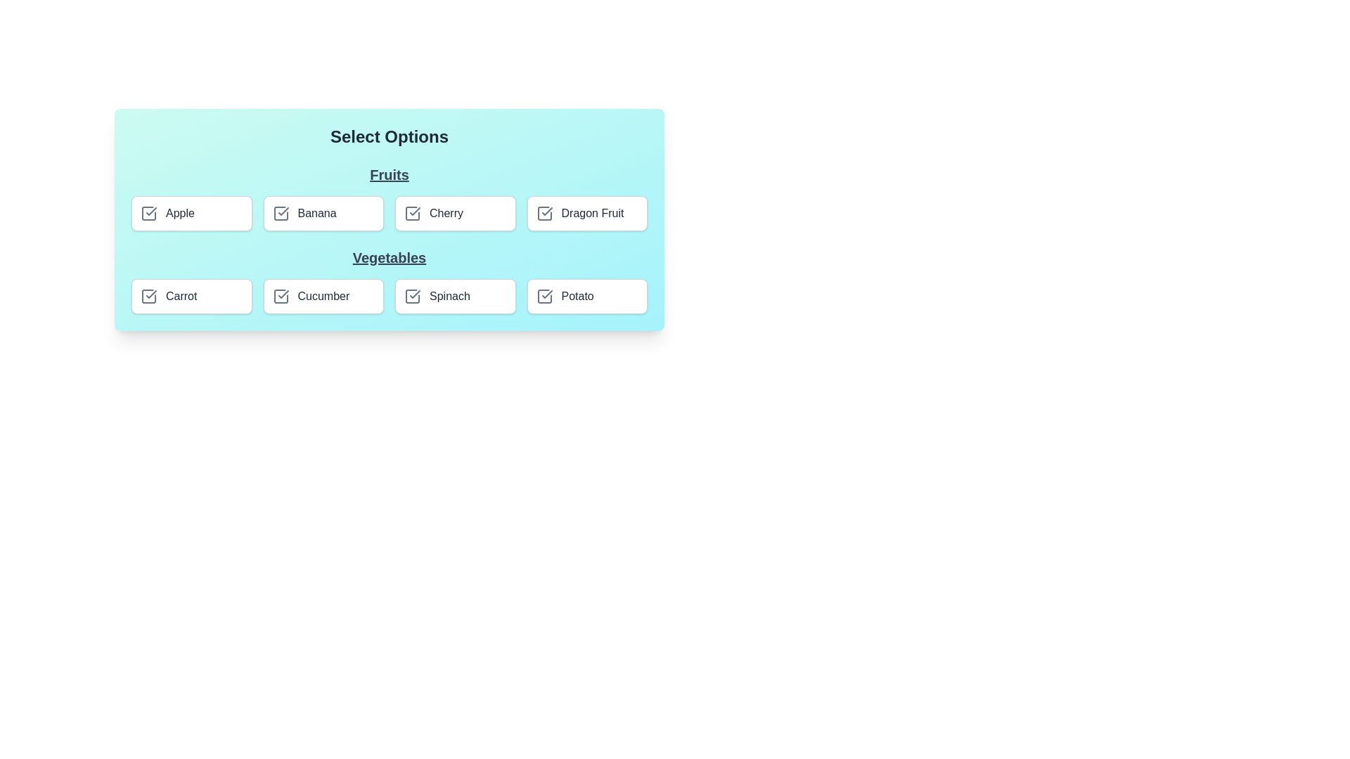 This screenshot has width=1350, height=759. What do you see at coordinates (191, 295) in the screenshot?
I see `the first selectable list item with a gray checkmark and bold text 'Carrot'` at bounding box center [191, 295].